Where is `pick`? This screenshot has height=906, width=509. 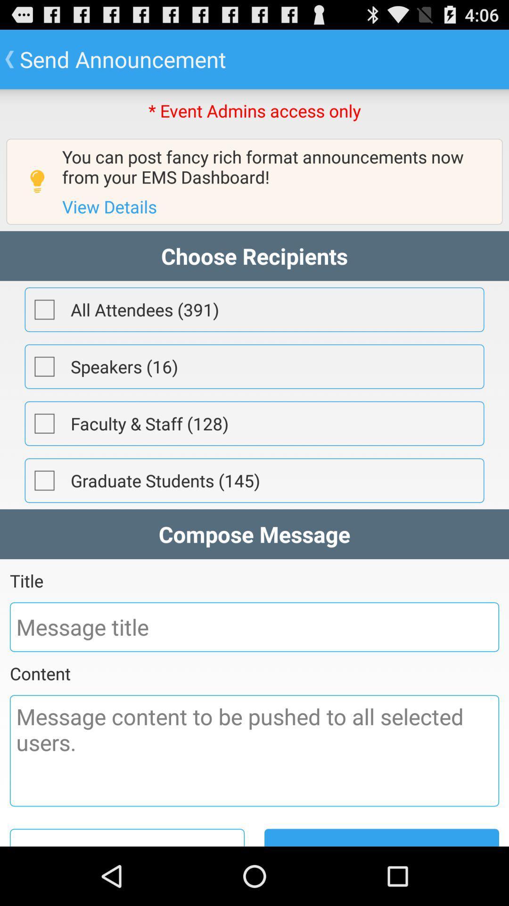 pick is located at coordinates (44, 310).